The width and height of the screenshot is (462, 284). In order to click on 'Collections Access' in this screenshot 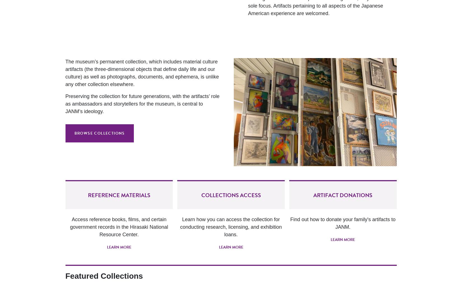, I will do `click(230, 195)`.